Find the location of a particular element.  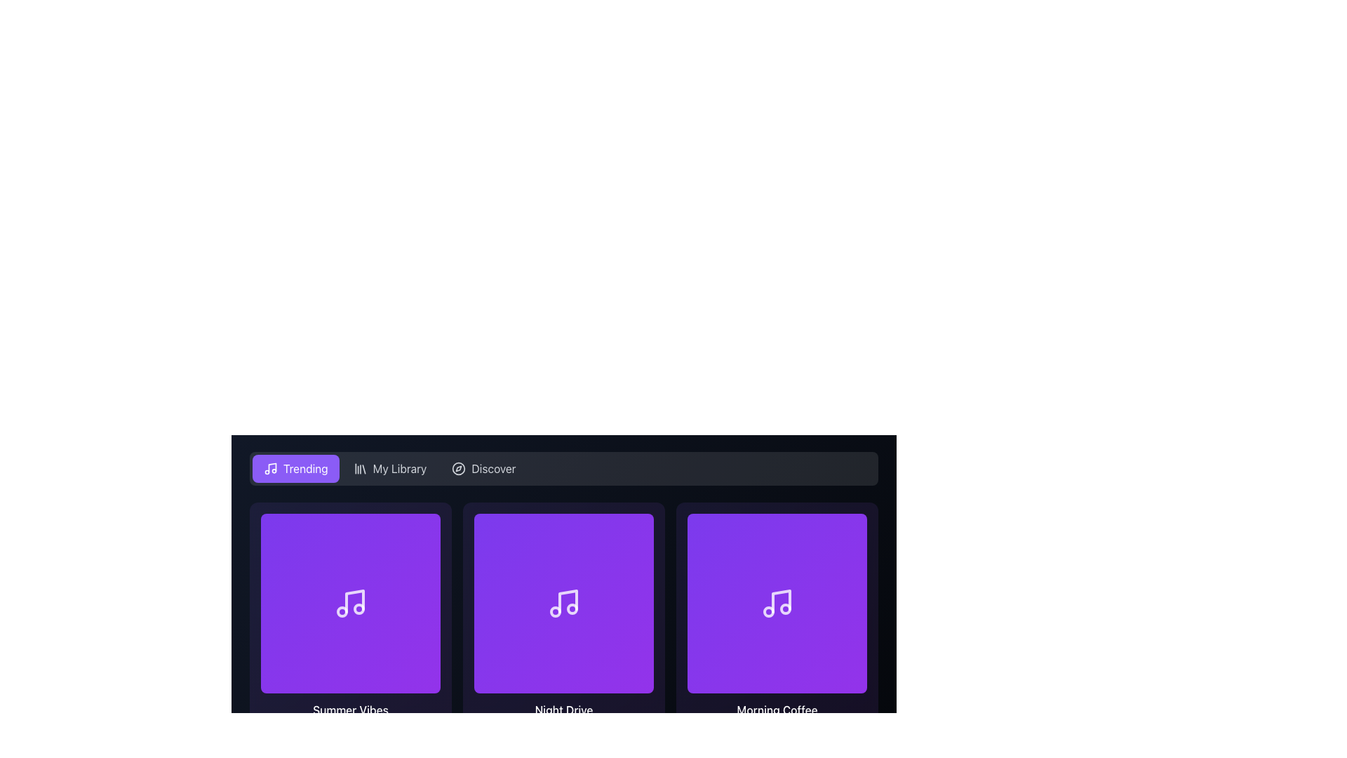

the Text Label displaying 'Summer Vibes', which is styled in white and located below a vibrant purple box with a music icon is located at coordinates (350, 710).